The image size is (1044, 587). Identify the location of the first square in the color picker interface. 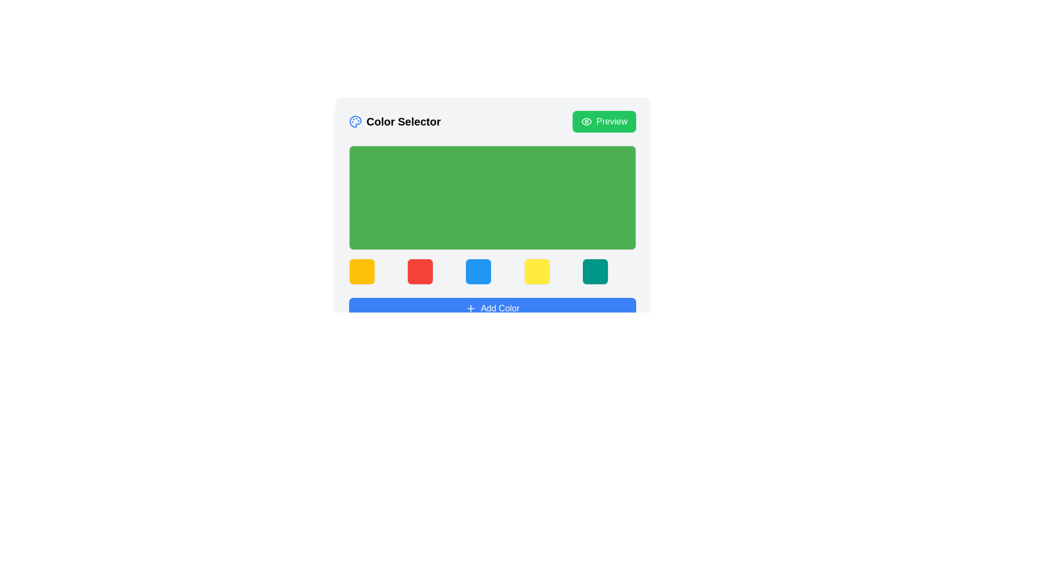
(362, 271).